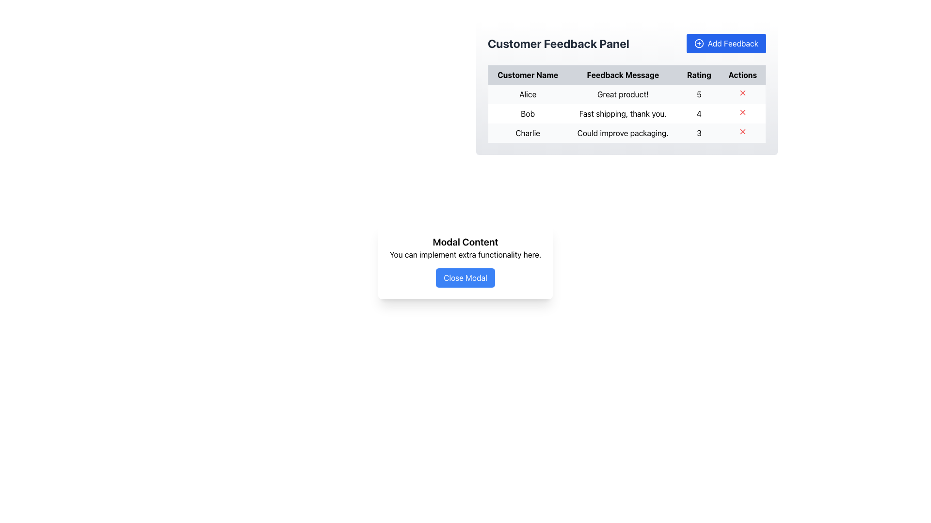 The width and height of the screenshot is (931, 523). I want to click on the 'Feedback Message' text element located in the header of the table, which is the second item in the row, positioned between 'Customer Name' and 'Rating' headers, so click(623, 74).